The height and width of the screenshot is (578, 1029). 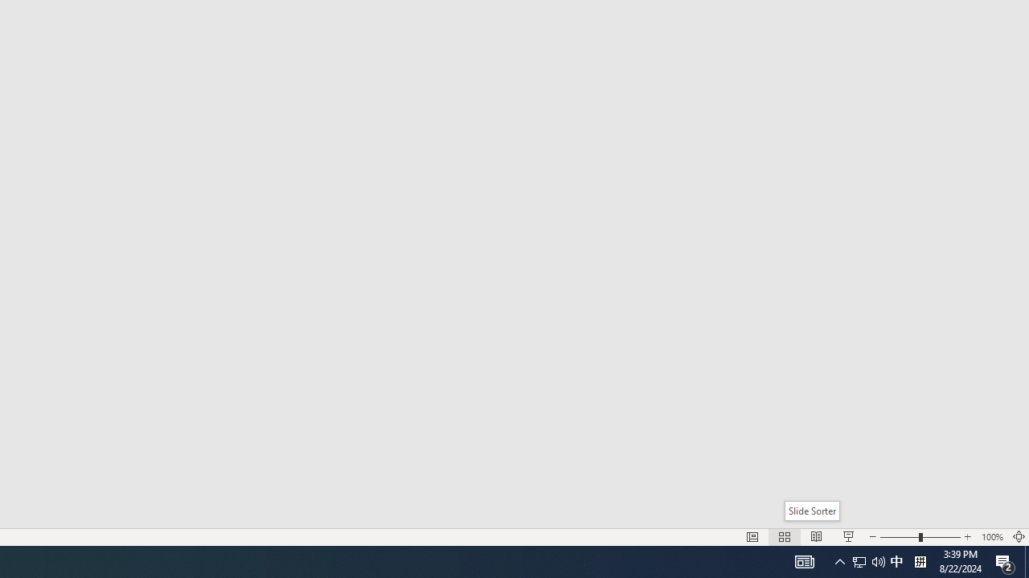 I want to click on 'Zoom to Fit ', so click(x=1018, y=537).